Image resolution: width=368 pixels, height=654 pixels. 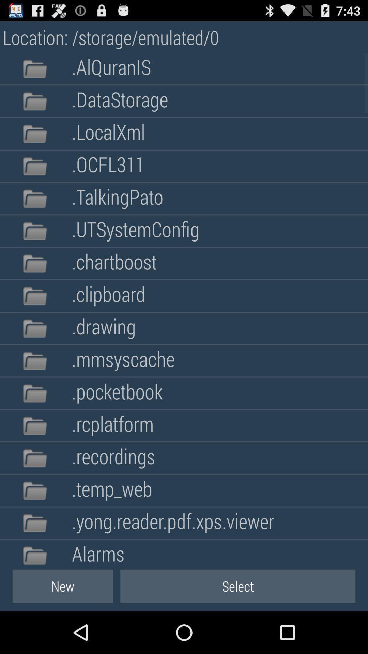 I want to click on .drawing icon, so click(x=104, y=328).